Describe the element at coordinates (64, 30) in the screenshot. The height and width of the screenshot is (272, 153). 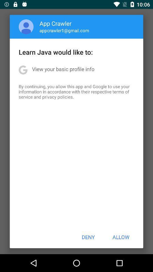
I see `appcrawler1@gmail.com app` at that location.